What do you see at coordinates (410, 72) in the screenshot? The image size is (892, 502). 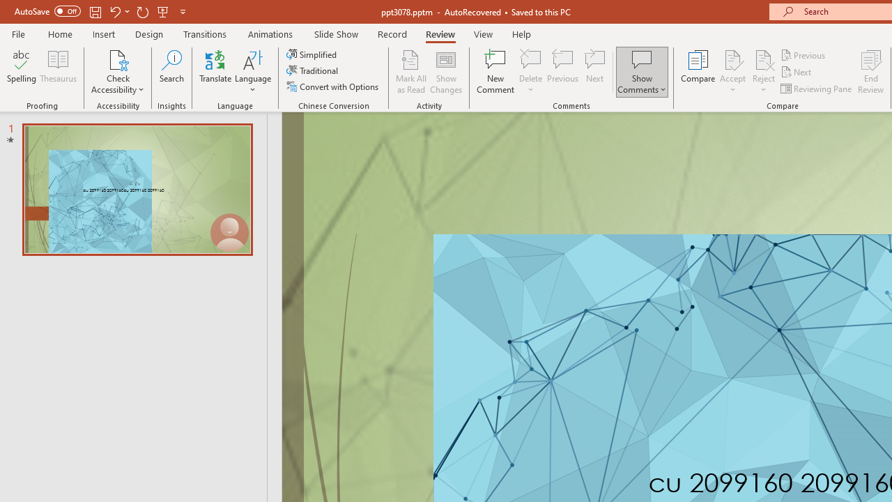 I see `'Mark All as Read'` at bounding box center [410, 72].